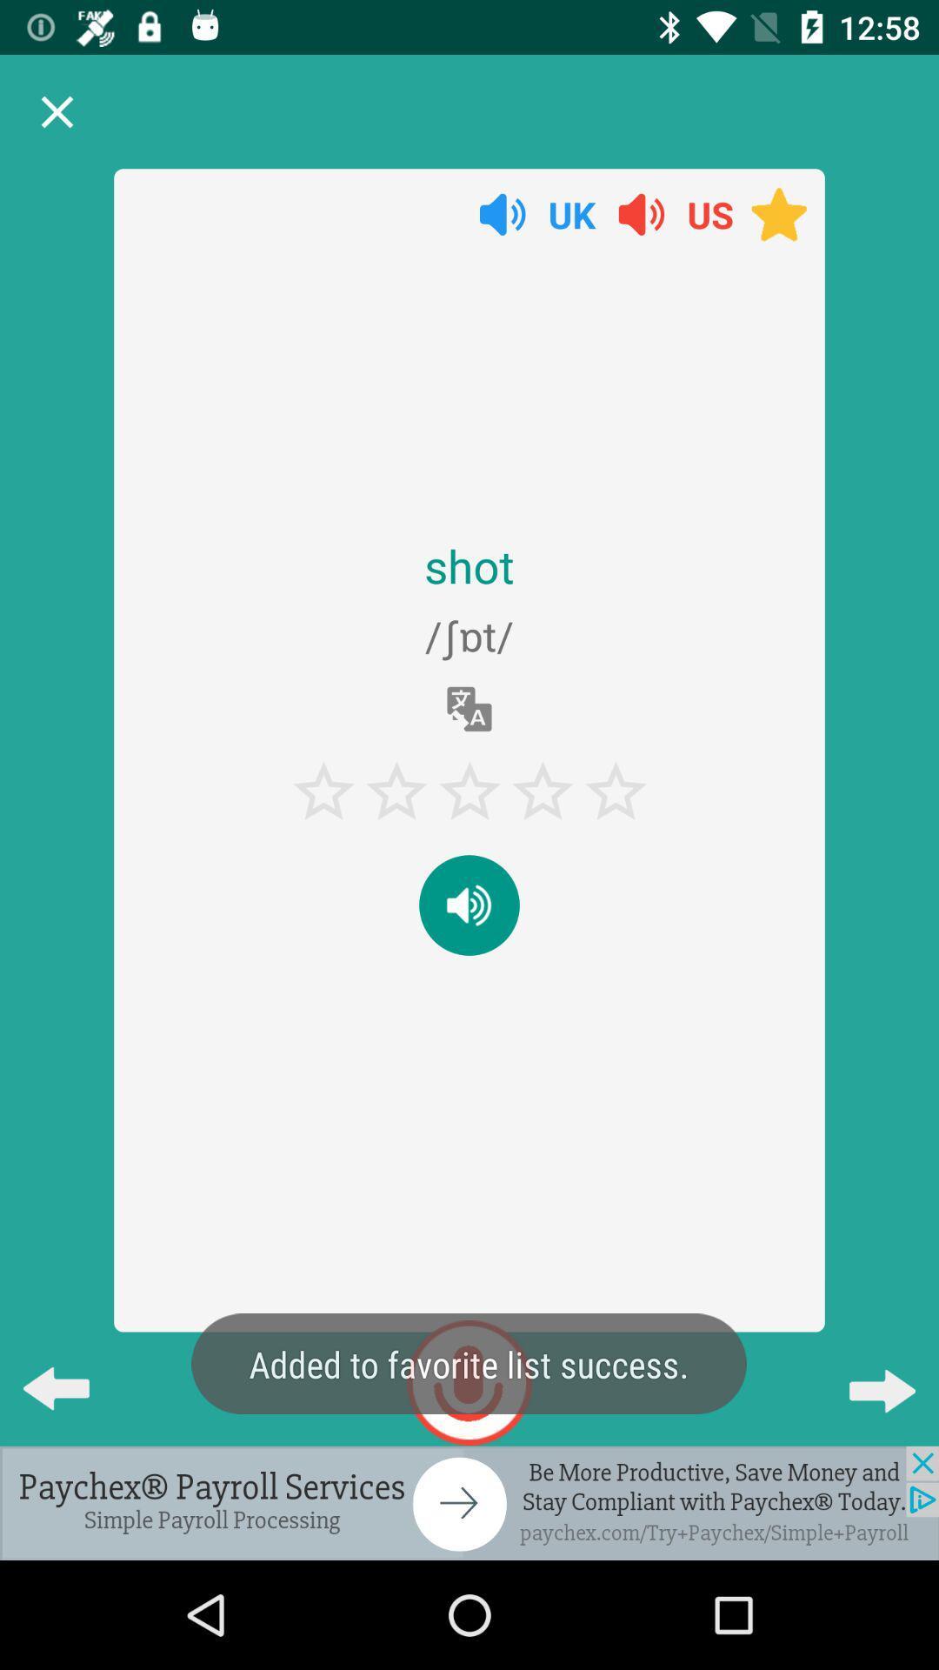 Image resolution: width=939 pixels, height=1670 pixels. I want to click on the star which is present beneath the shot, so click(323, 791).